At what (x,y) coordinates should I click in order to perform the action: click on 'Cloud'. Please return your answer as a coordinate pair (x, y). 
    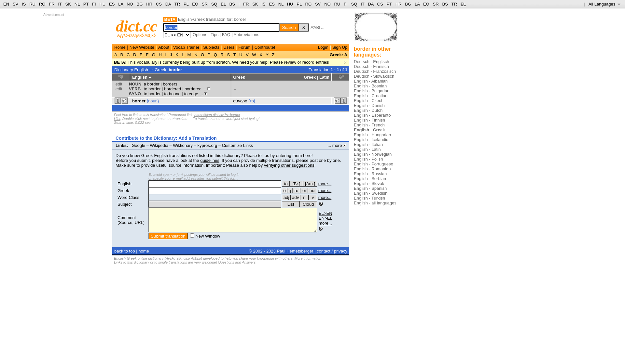
    Looking at the image, I should click on (308, 204).